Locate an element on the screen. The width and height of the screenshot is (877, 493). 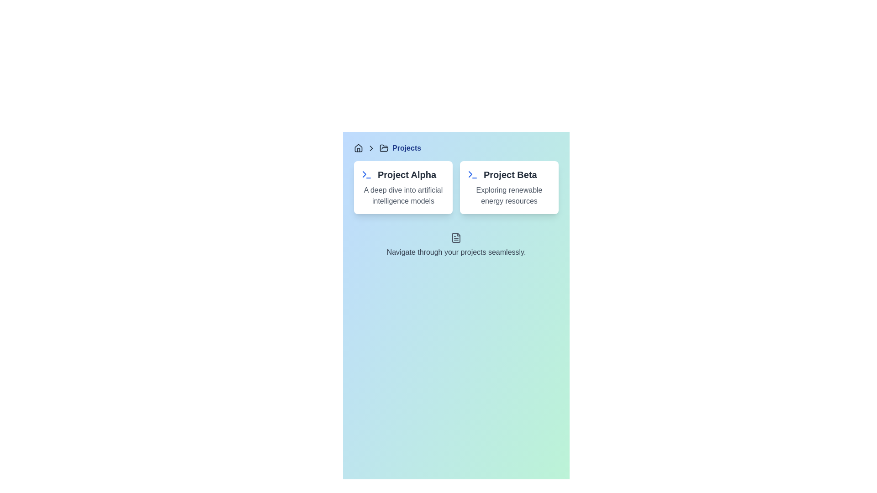
descriptive text label located directly under the 'Project Beta' title in the second card on the right-hand side of the interface is located at coordinates (508, 195).